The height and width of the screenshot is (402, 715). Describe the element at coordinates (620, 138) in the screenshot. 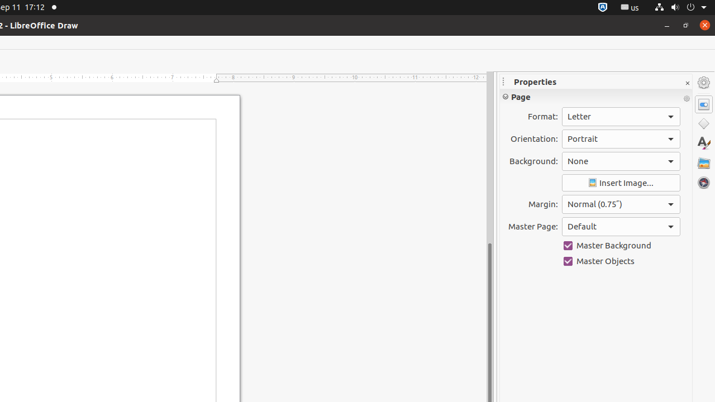

I see `'Orientation:'` at that location.